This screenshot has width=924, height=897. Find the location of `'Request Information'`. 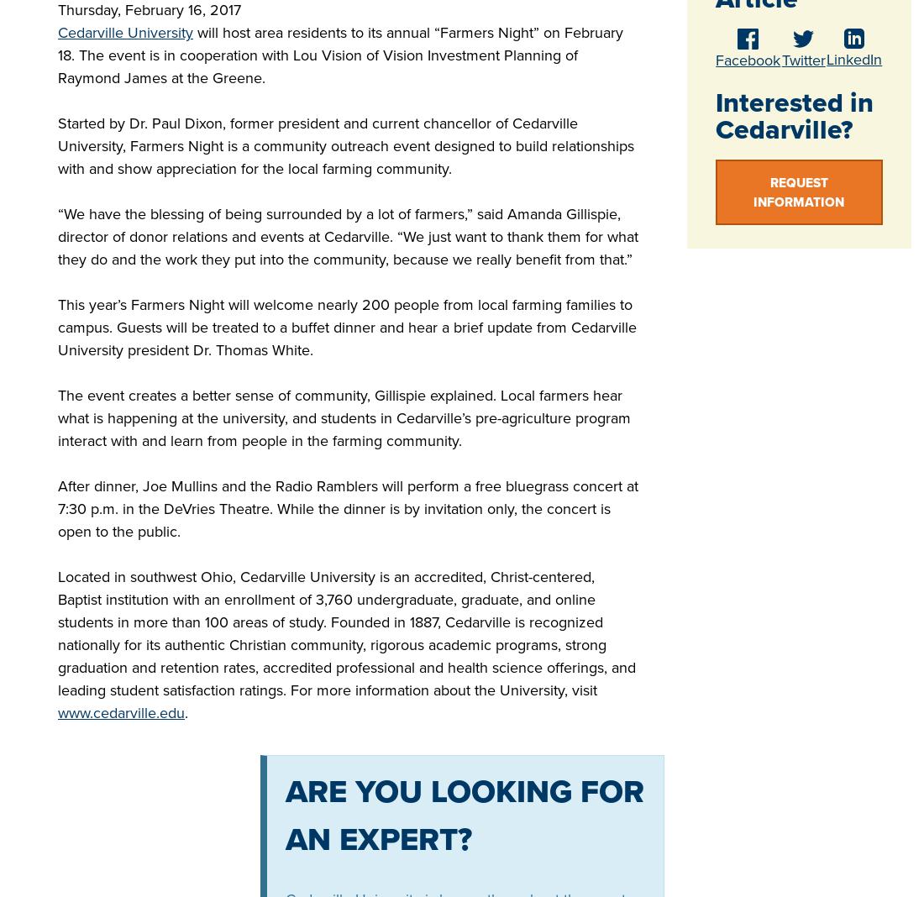

'Request Information' is located at coordinates (798, 191).